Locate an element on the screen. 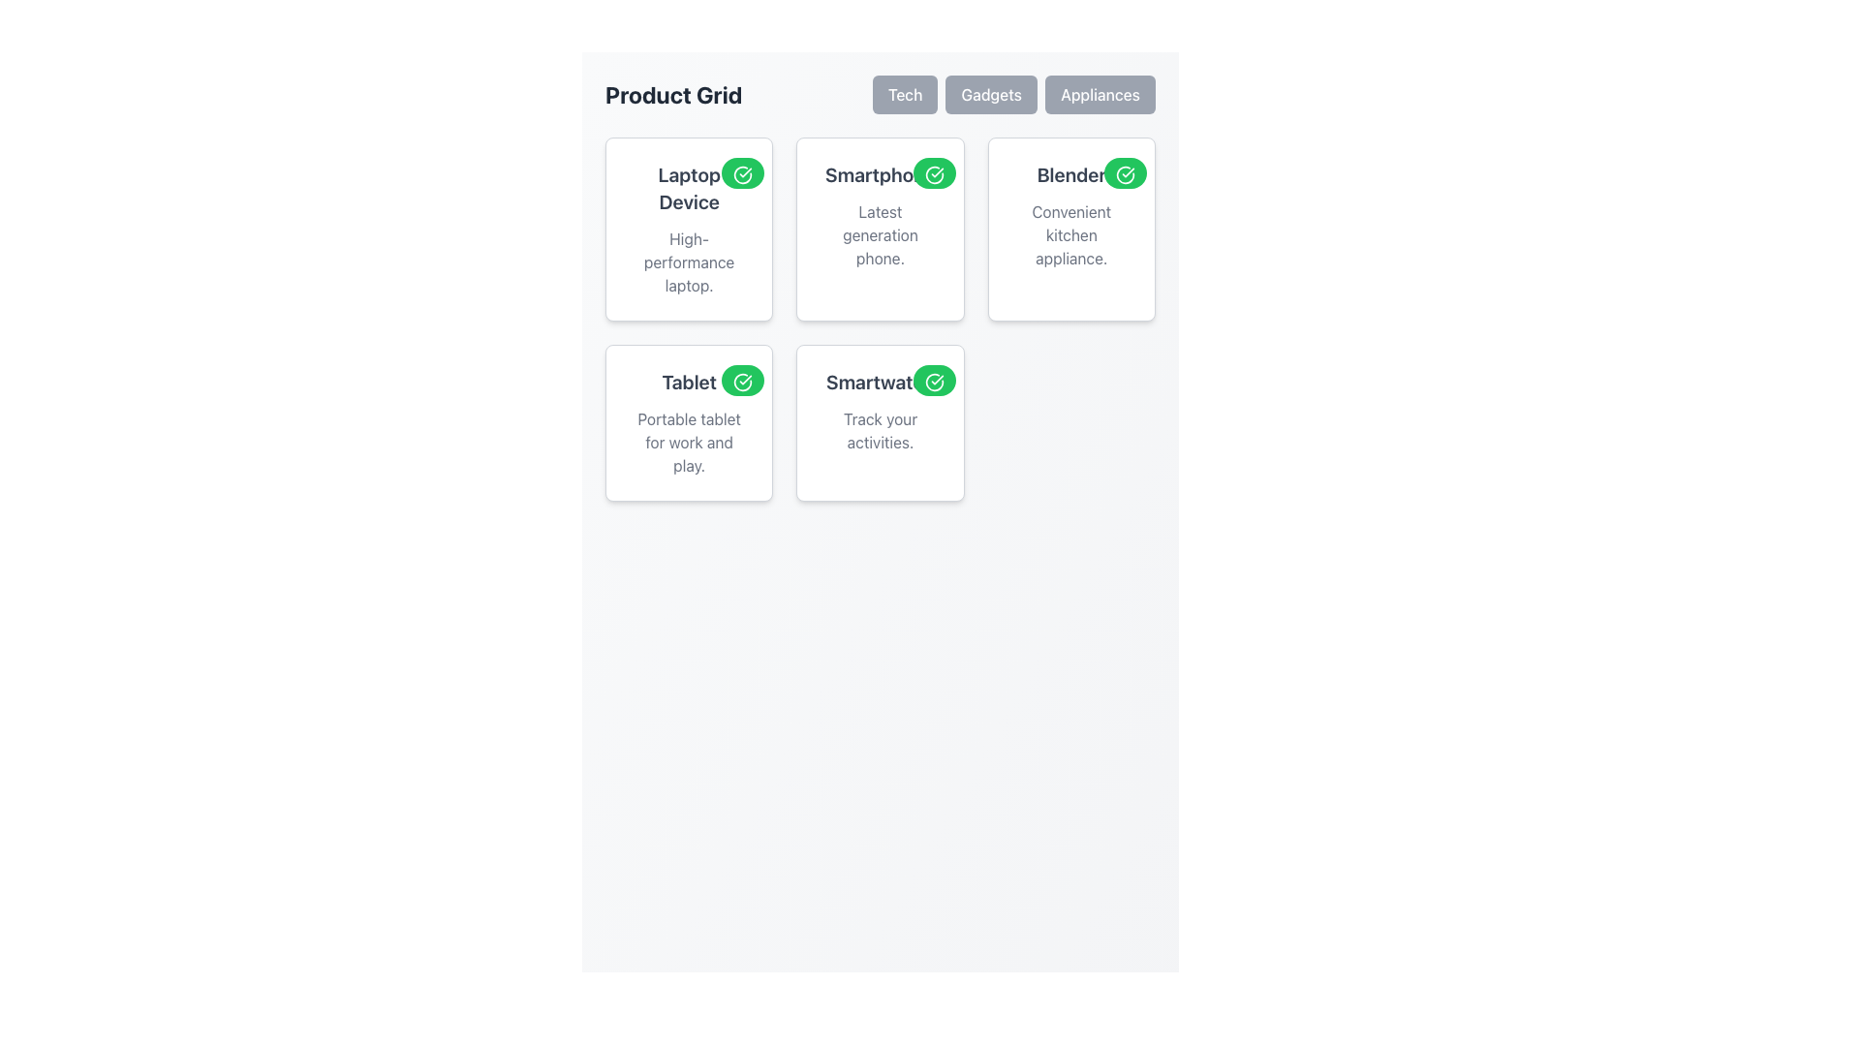 The image size is (1860, 1046). the interactive button located at the top-right corner of the 'Blender' product card is located at coordinates (1125, 171).